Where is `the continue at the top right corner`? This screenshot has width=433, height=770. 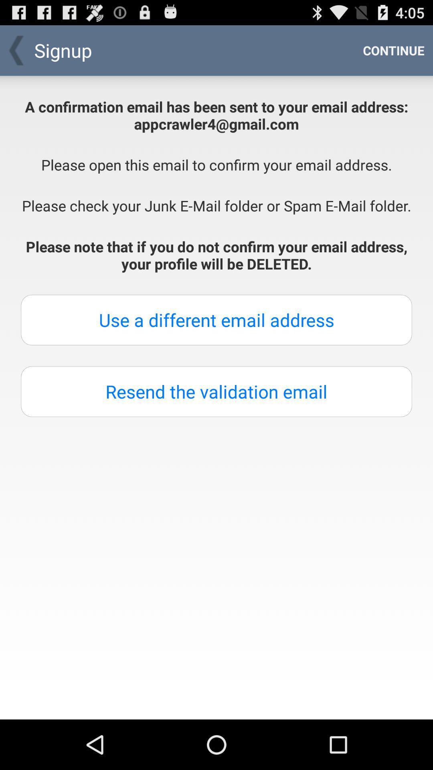
the continue at the top right corner is located at coordinates (393, 50).